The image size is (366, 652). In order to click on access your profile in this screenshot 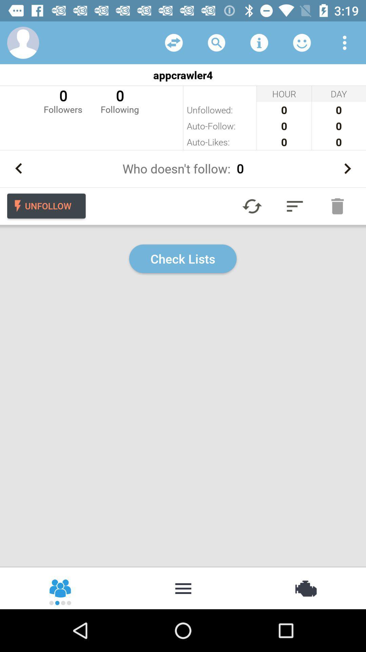, I will do `click(23, 42)`.